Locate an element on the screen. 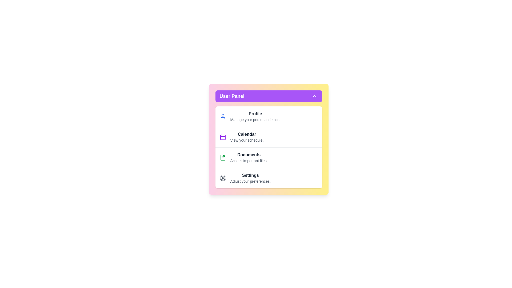 Image resolution: width=512 pixels, height=288 pixels. an item in the vertical navigation menu located within the 'User Panel' is located at coordinates (269, 147).